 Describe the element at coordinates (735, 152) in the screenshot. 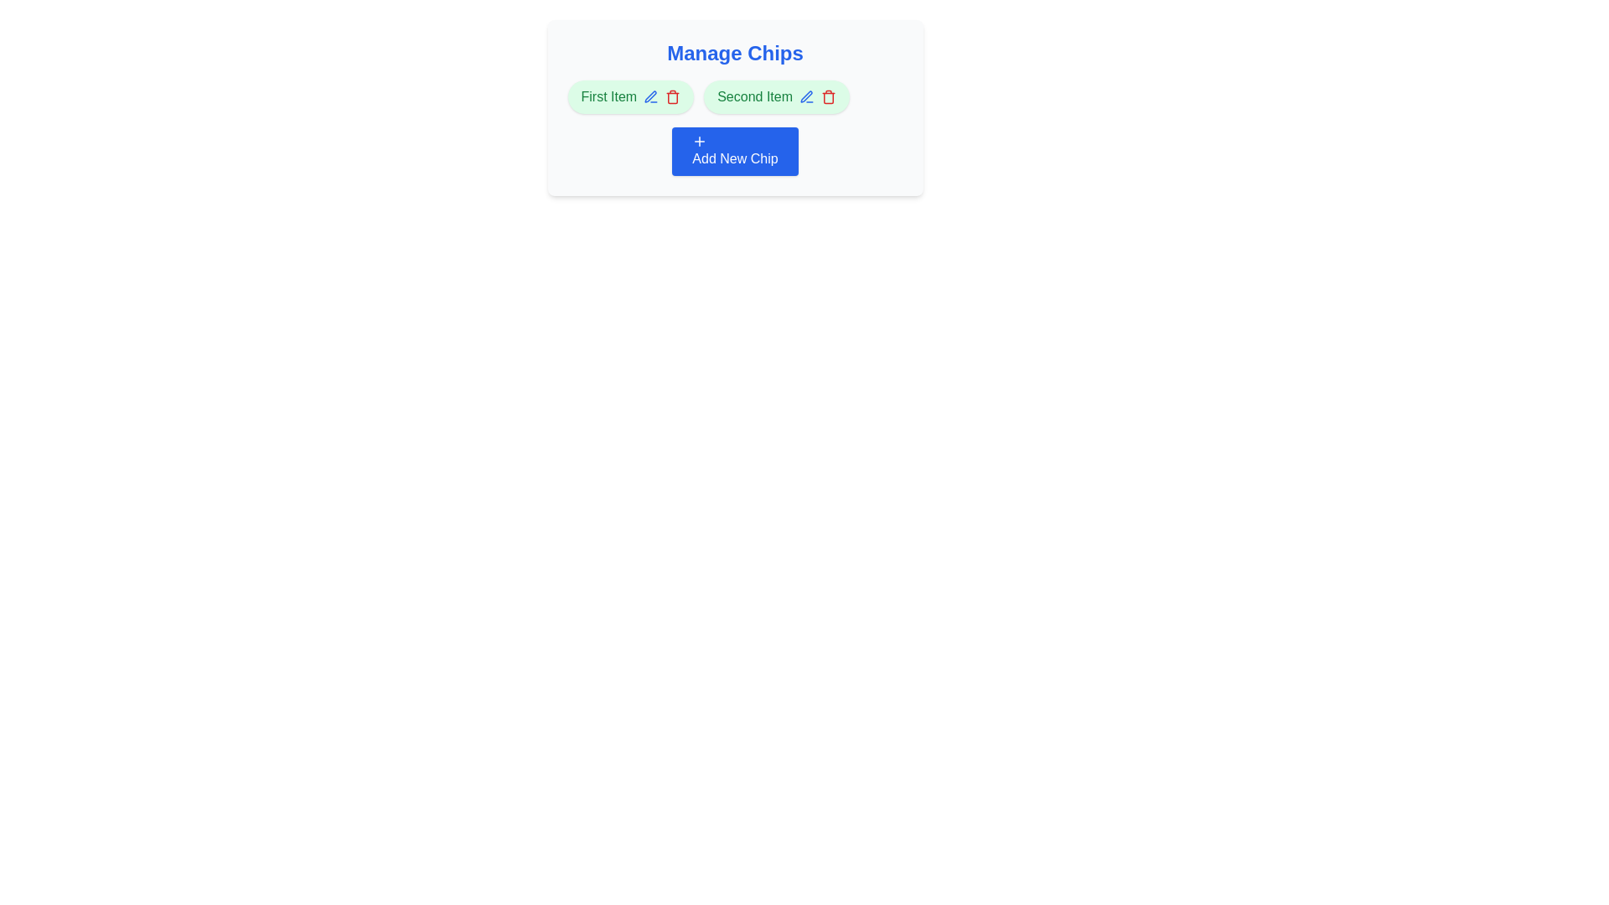

I see `'Add New Chip' button to add a new chip` at that location.